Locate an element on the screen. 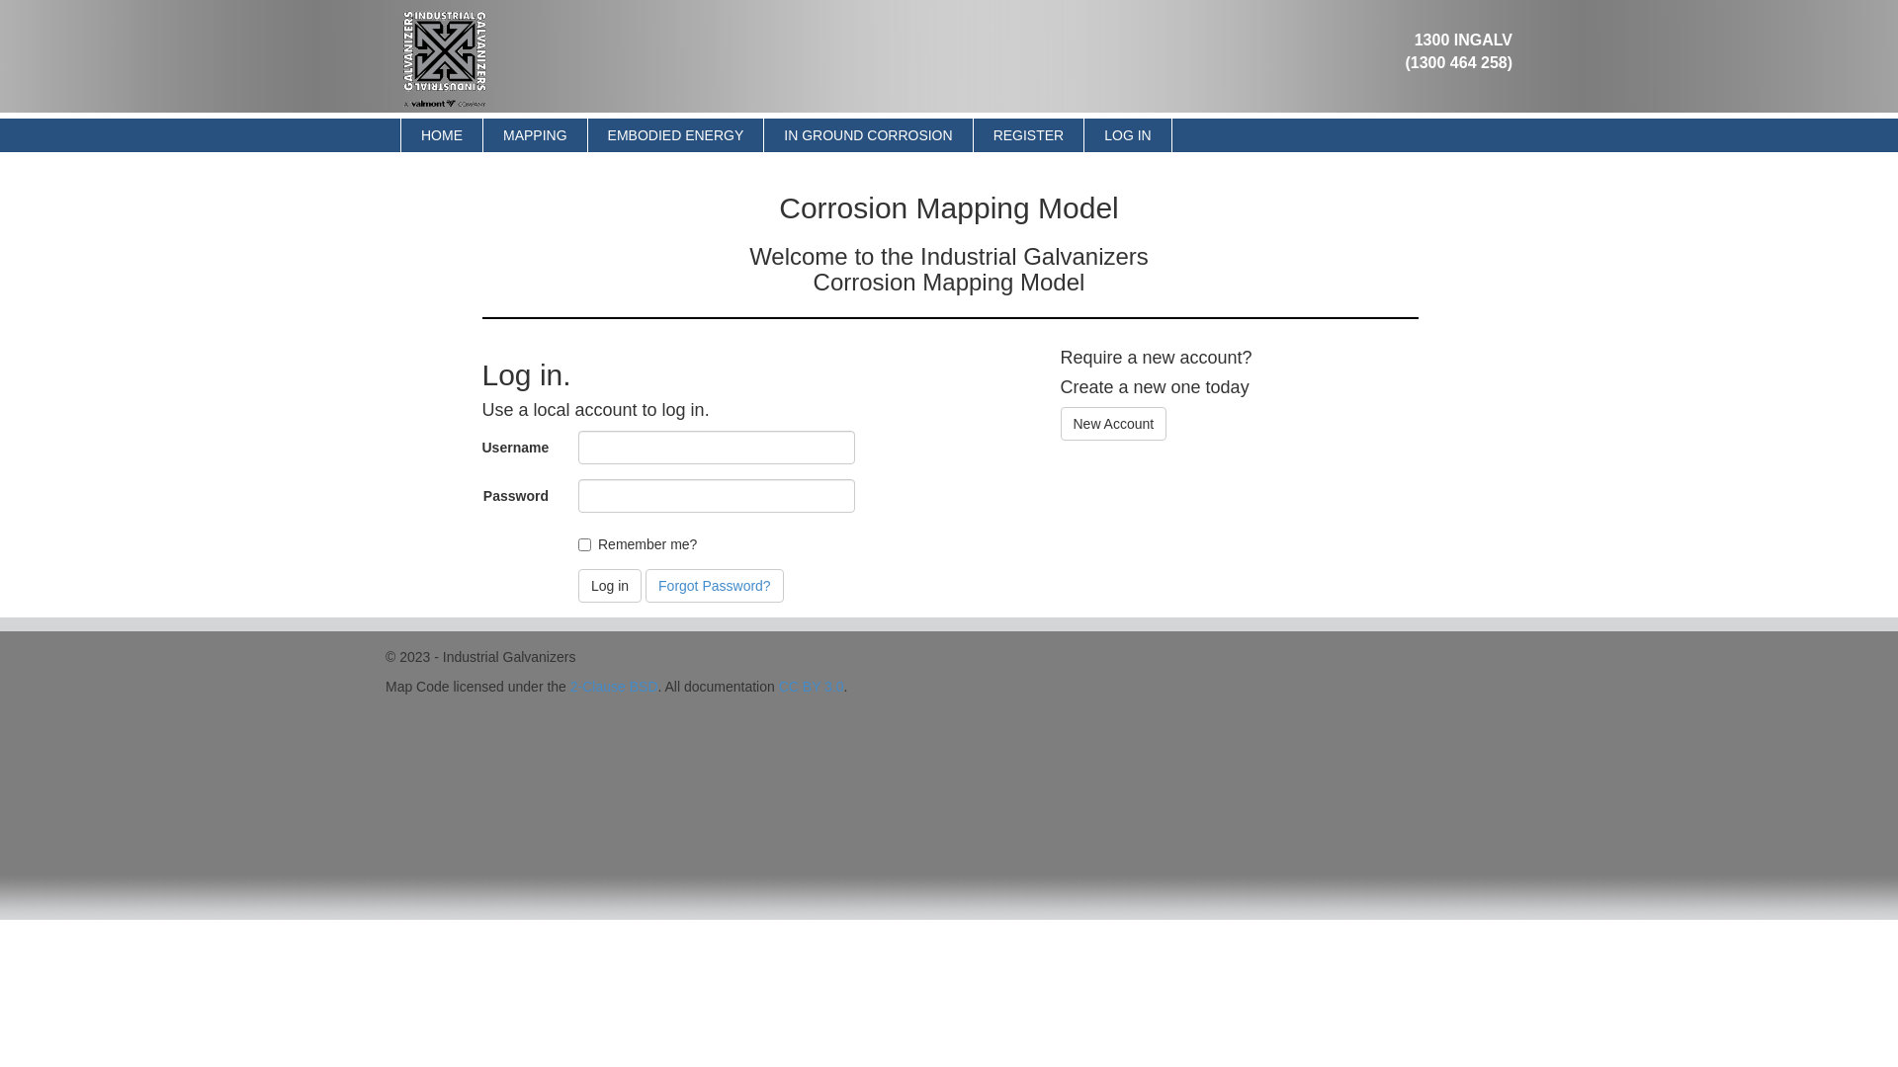 This screenshot has width=1898, height=1067. 'HOME' is located at coordinates (440, 134).